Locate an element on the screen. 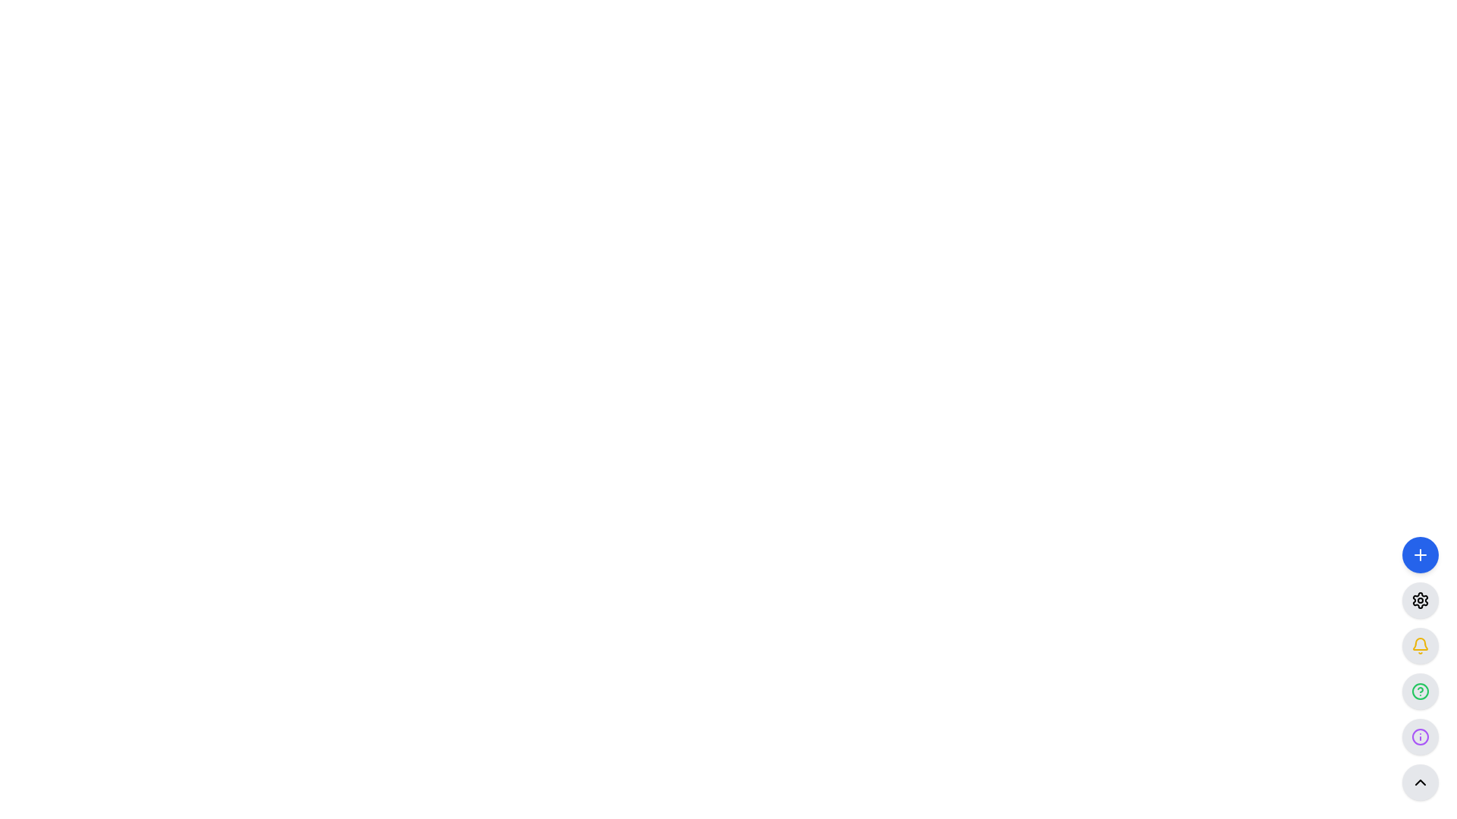  the upward-pointing triangular chevron icon within the light gray circular button at the bottom of the vertical list is located at coordinates (1420, 783).